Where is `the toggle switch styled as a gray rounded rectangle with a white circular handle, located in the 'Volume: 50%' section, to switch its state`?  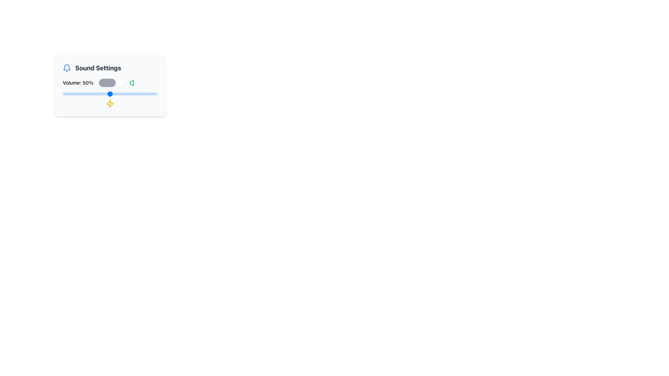
the toggle switch styled as a gray rounded rectangle with a white circular handle, located in the 'Volume: 50%' section, to switch its state is located at coordinates (111, 83).